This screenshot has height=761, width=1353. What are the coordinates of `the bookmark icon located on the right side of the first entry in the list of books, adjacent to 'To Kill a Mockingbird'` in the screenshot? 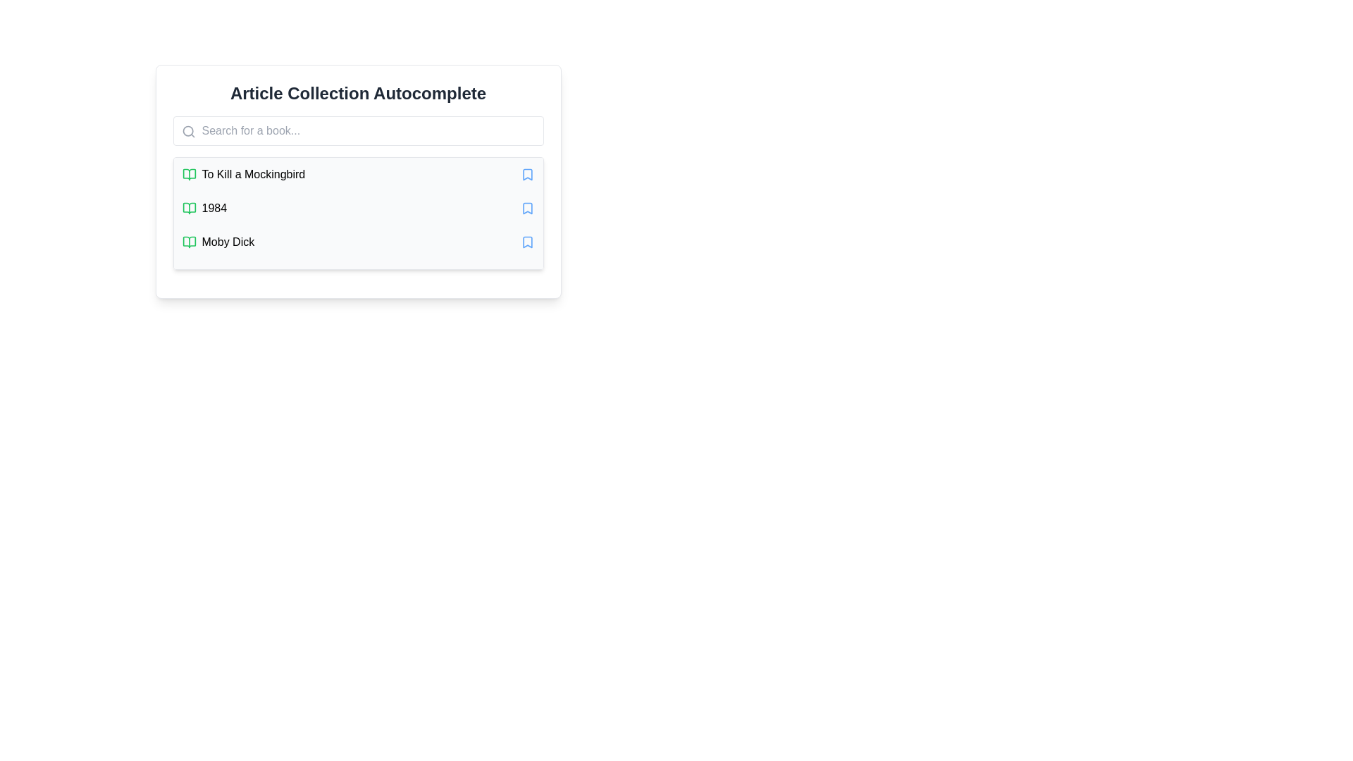 It's located at (526, 173).